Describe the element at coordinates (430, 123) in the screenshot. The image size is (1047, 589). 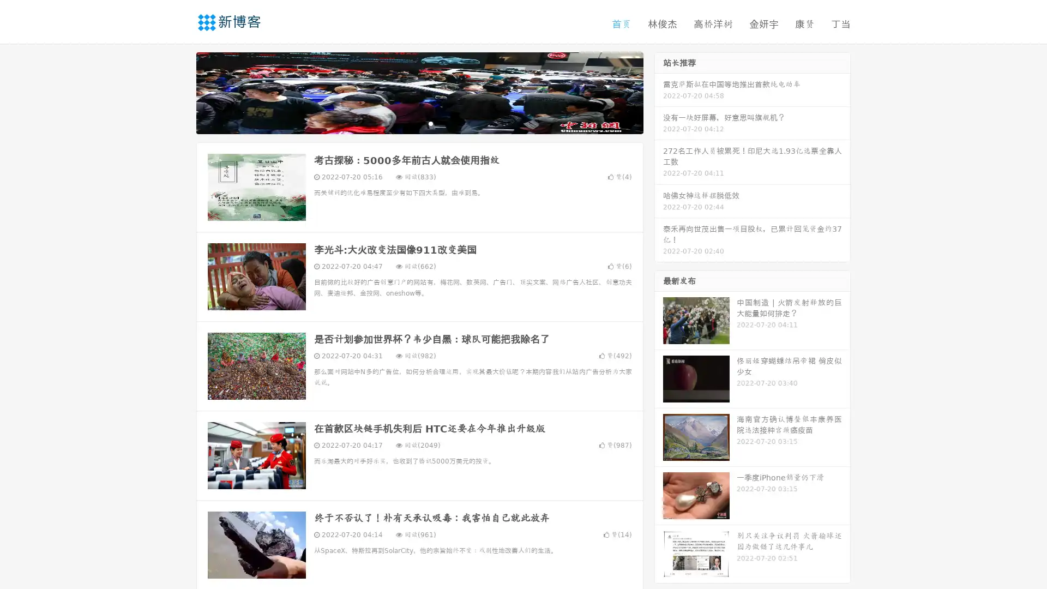
I see `Go to slide 3` at that location.